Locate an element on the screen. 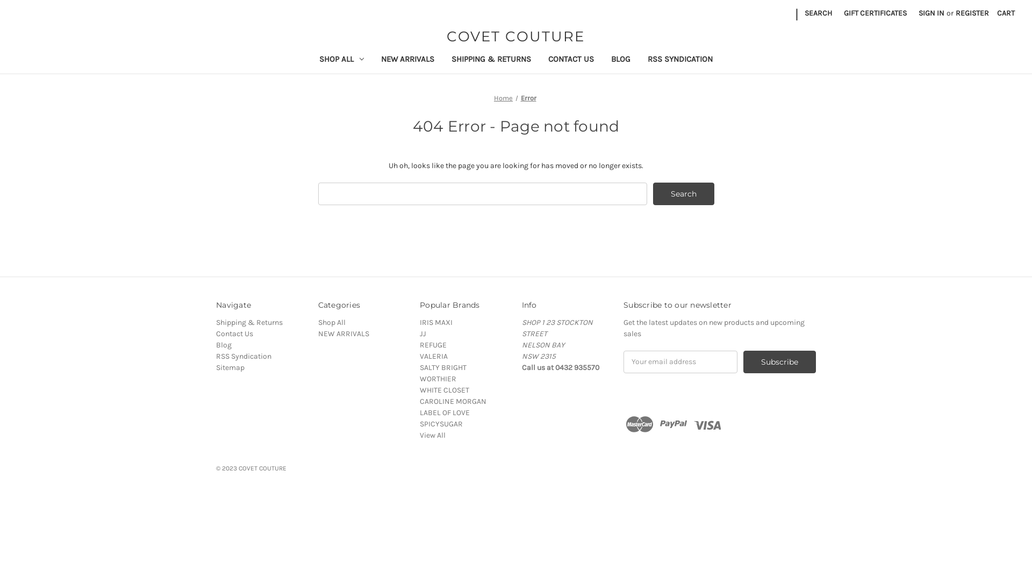  'IRIS MAXI' is located at coordinates (419, 322).